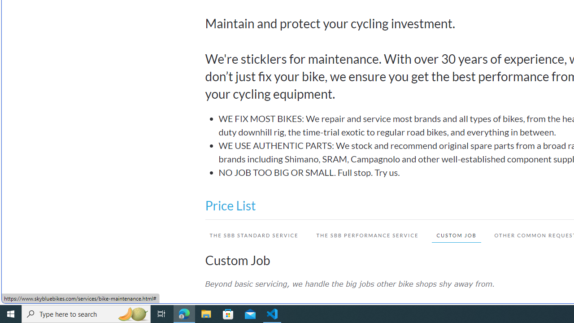  Describe the element at coordinates (456, 235) in the screenshot. I see `'CUSTOM JOB'` at that location.